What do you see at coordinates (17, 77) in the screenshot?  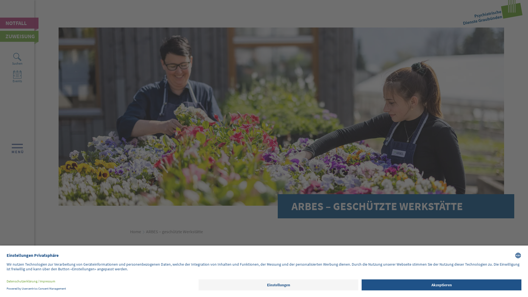 I see `'Events'` at bounding box center [17, 77].